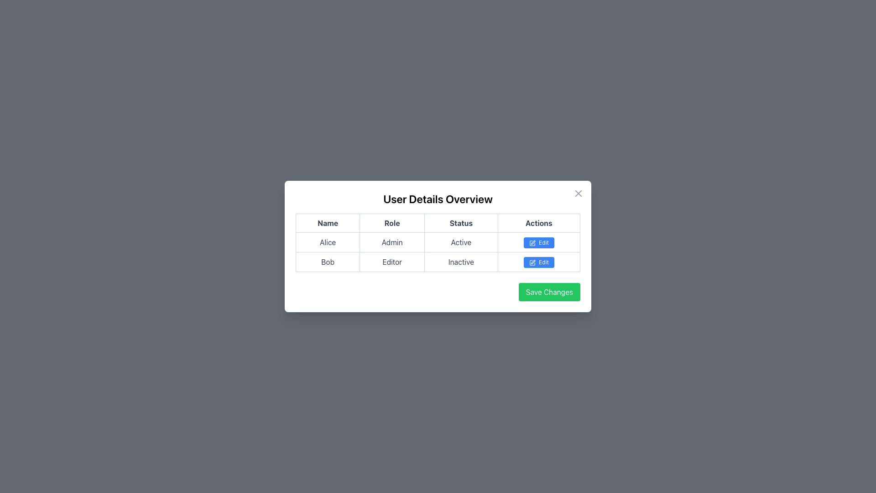 The width and height of the screenshot is (876, 493). What do you see at coordinates (538, 242) in the screenshot?
I see `the 'Edit' button with a blue background and rounded corners located in the 'Actions' column of the table in the 'User Details Overview' section for the user 'Alice'` at bounding box center [538, 242].